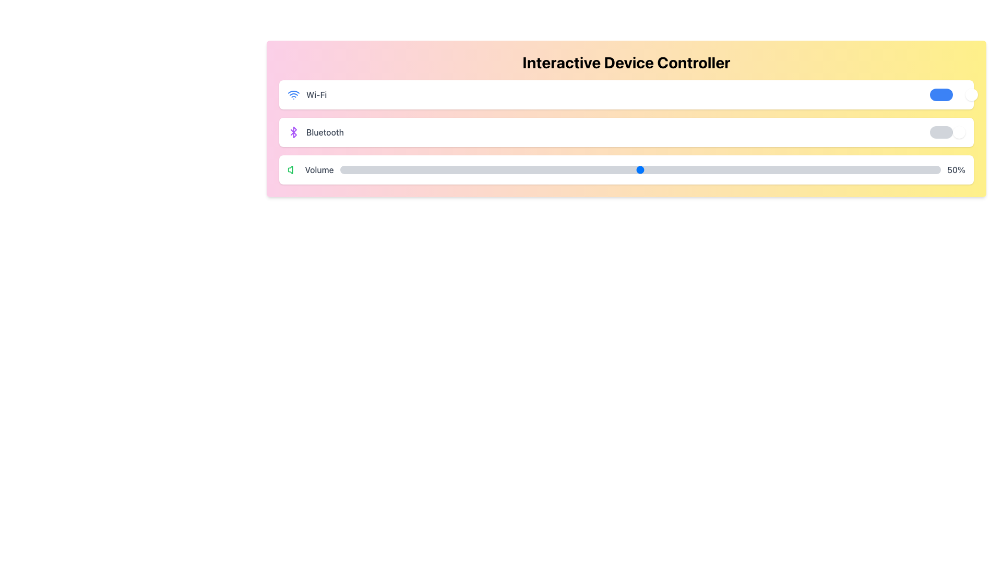 This screenshot has height=563, width=1002. What do you see at coordinates (640, 169) in the screenshot?
I see `the volume slider input to set the volume at the clicked position, located in the settings panel under 'Interactive Device Controller' with a current value of '50%` at bounding box center [640, 169].